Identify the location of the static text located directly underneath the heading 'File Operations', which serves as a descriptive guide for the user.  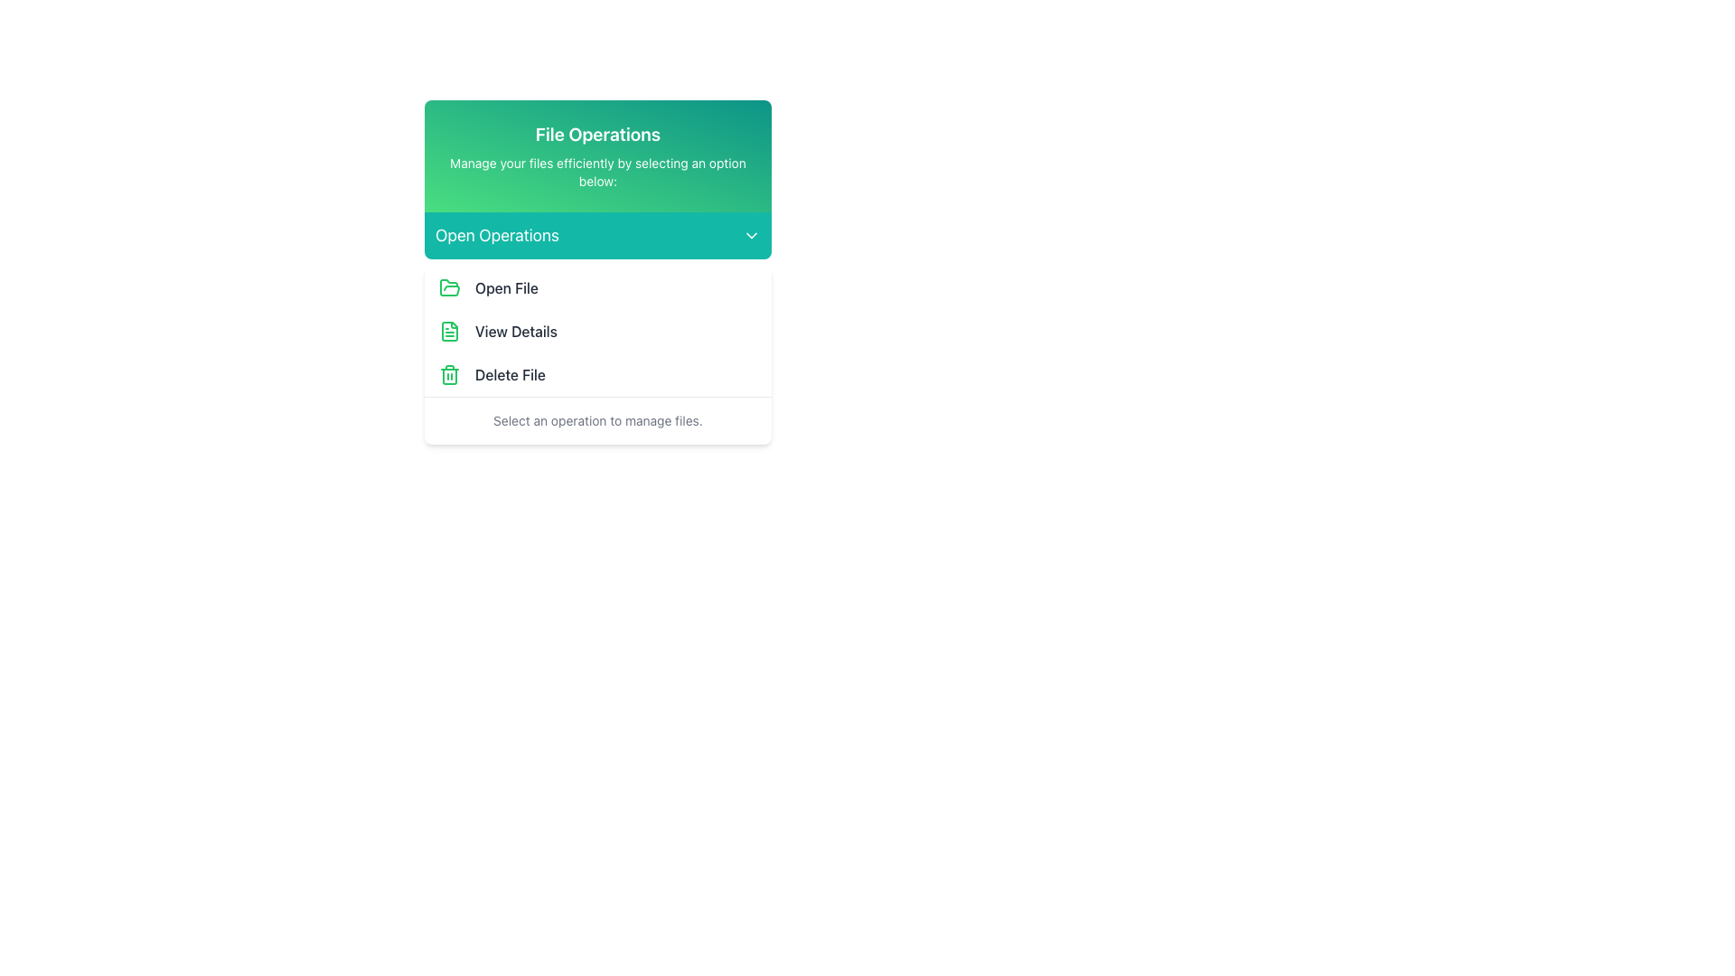
(598, 173).